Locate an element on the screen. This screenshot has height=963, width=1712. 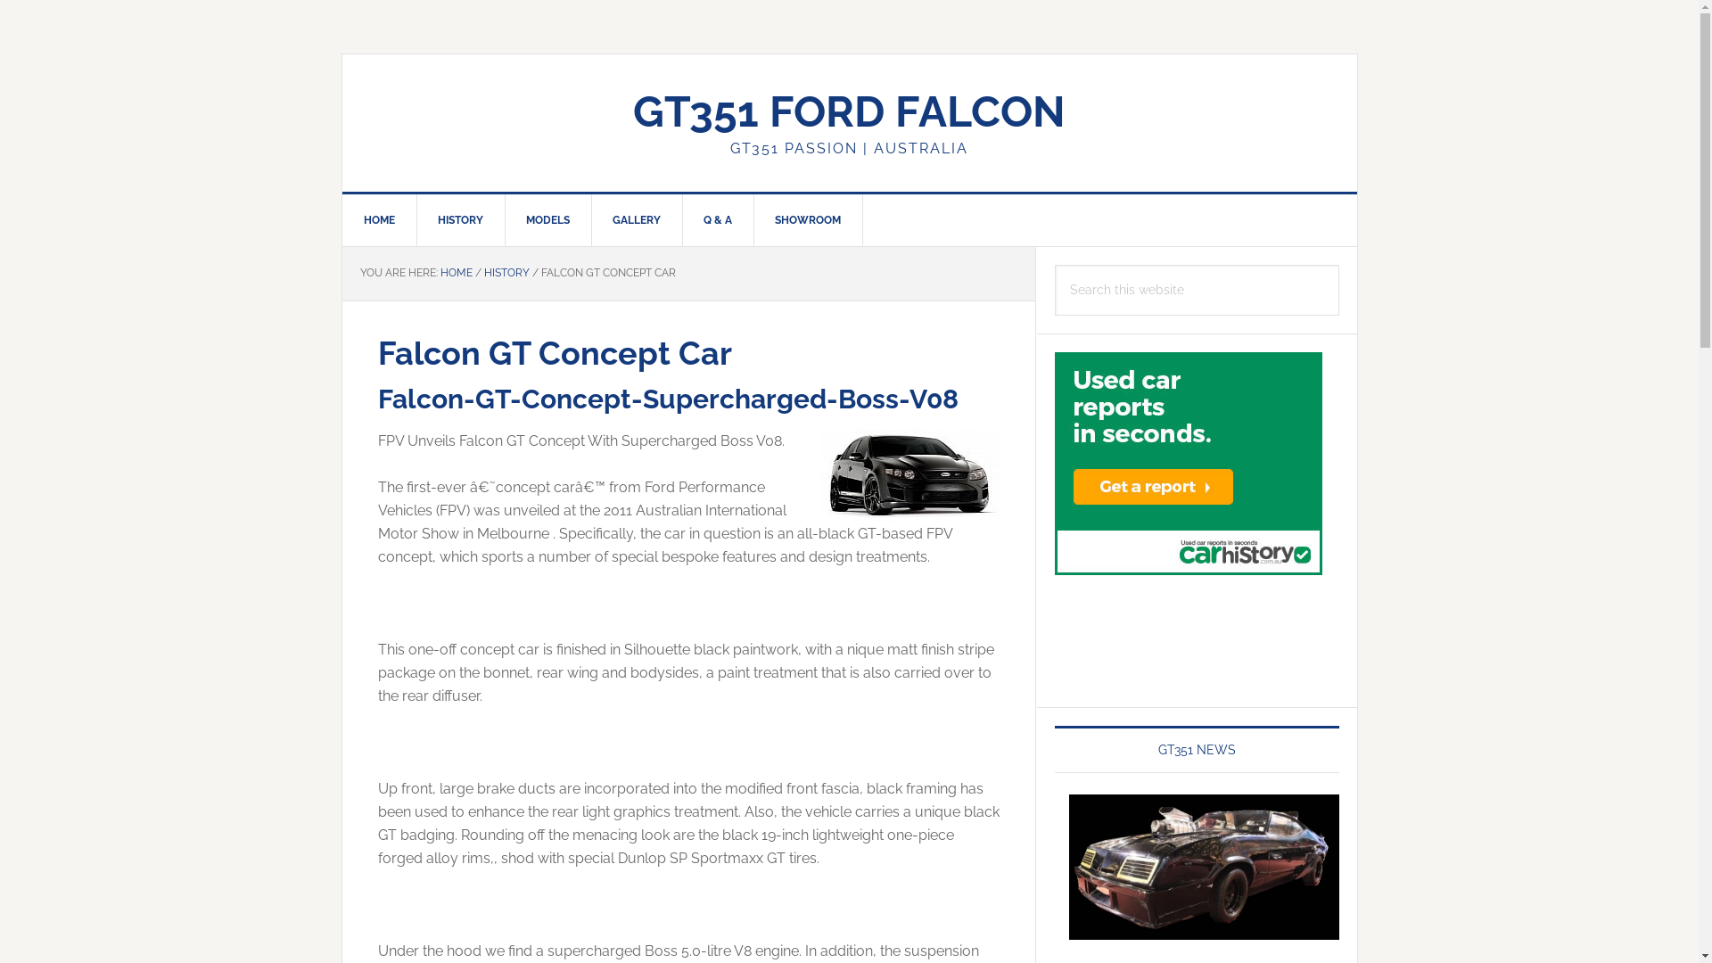
'Q & A' is located at coordinates (717, 218).